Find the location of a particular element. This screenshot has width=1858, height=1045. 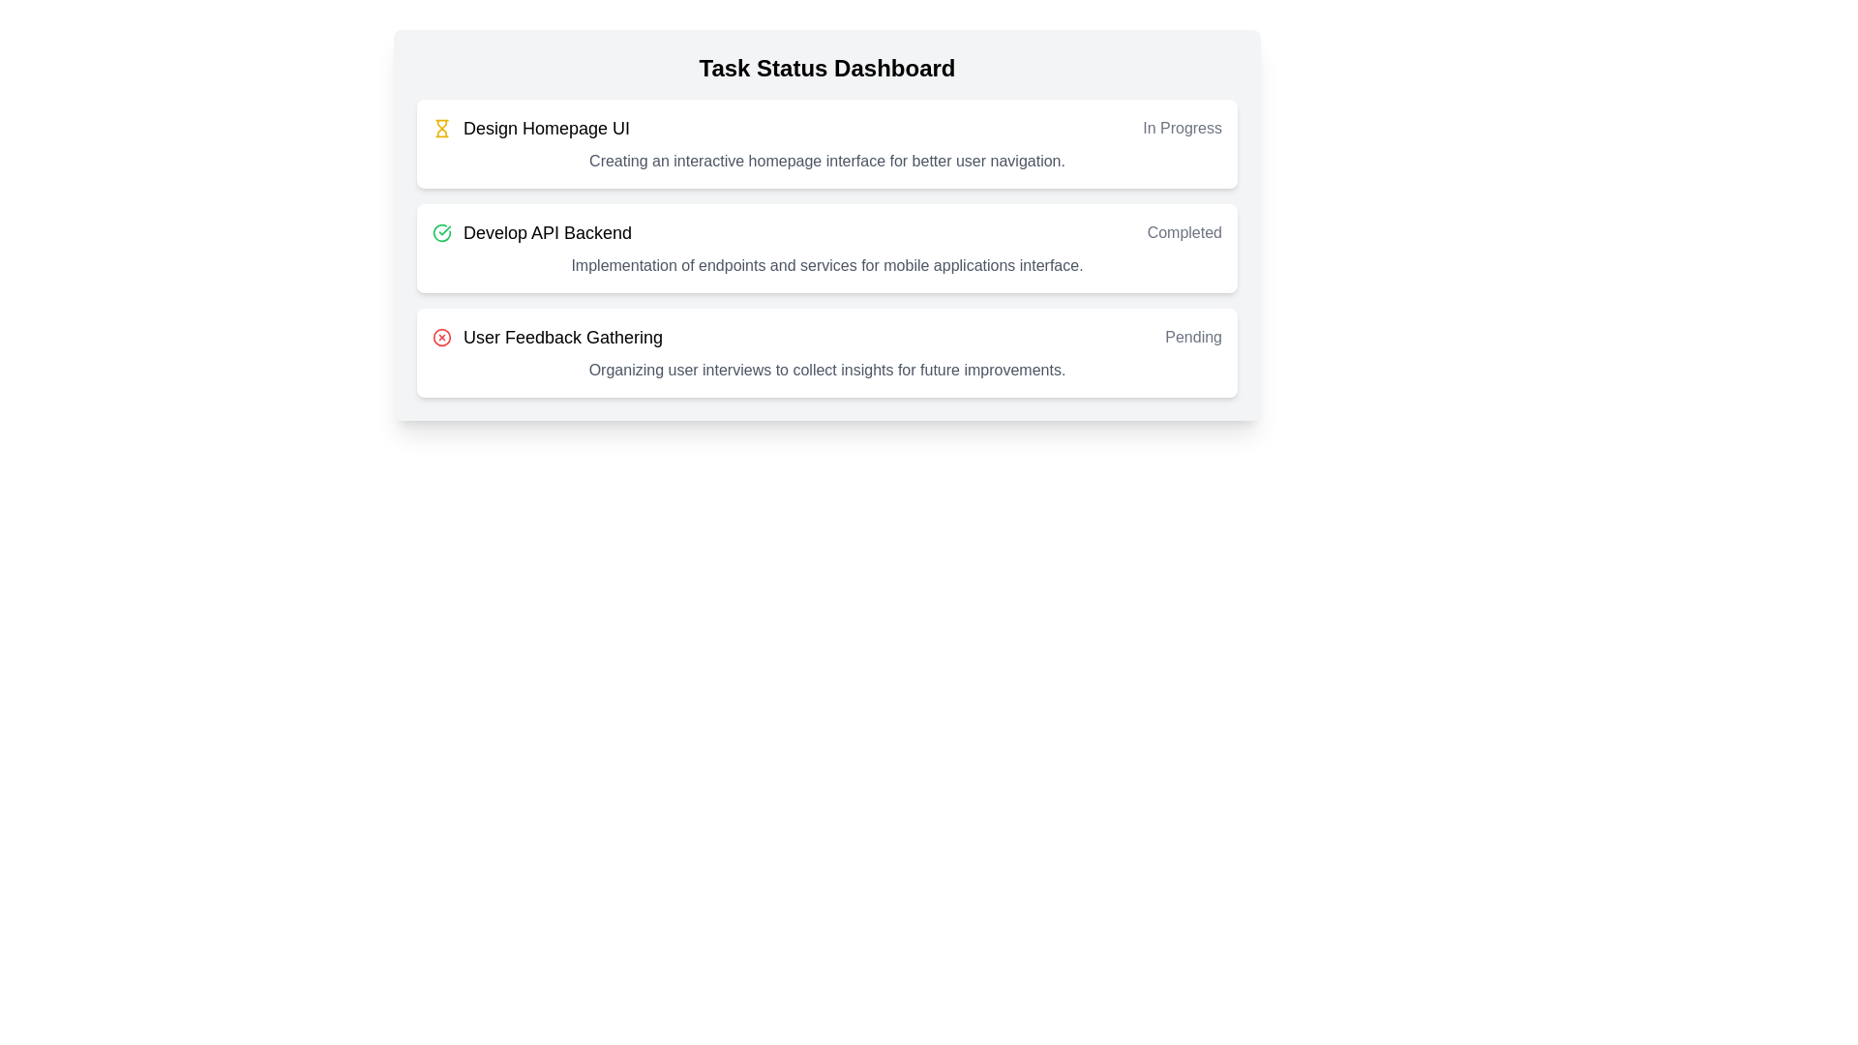

the task entry in the middle of the task list to interact with its subtasks or linked details is located at coordinates (826, 231).